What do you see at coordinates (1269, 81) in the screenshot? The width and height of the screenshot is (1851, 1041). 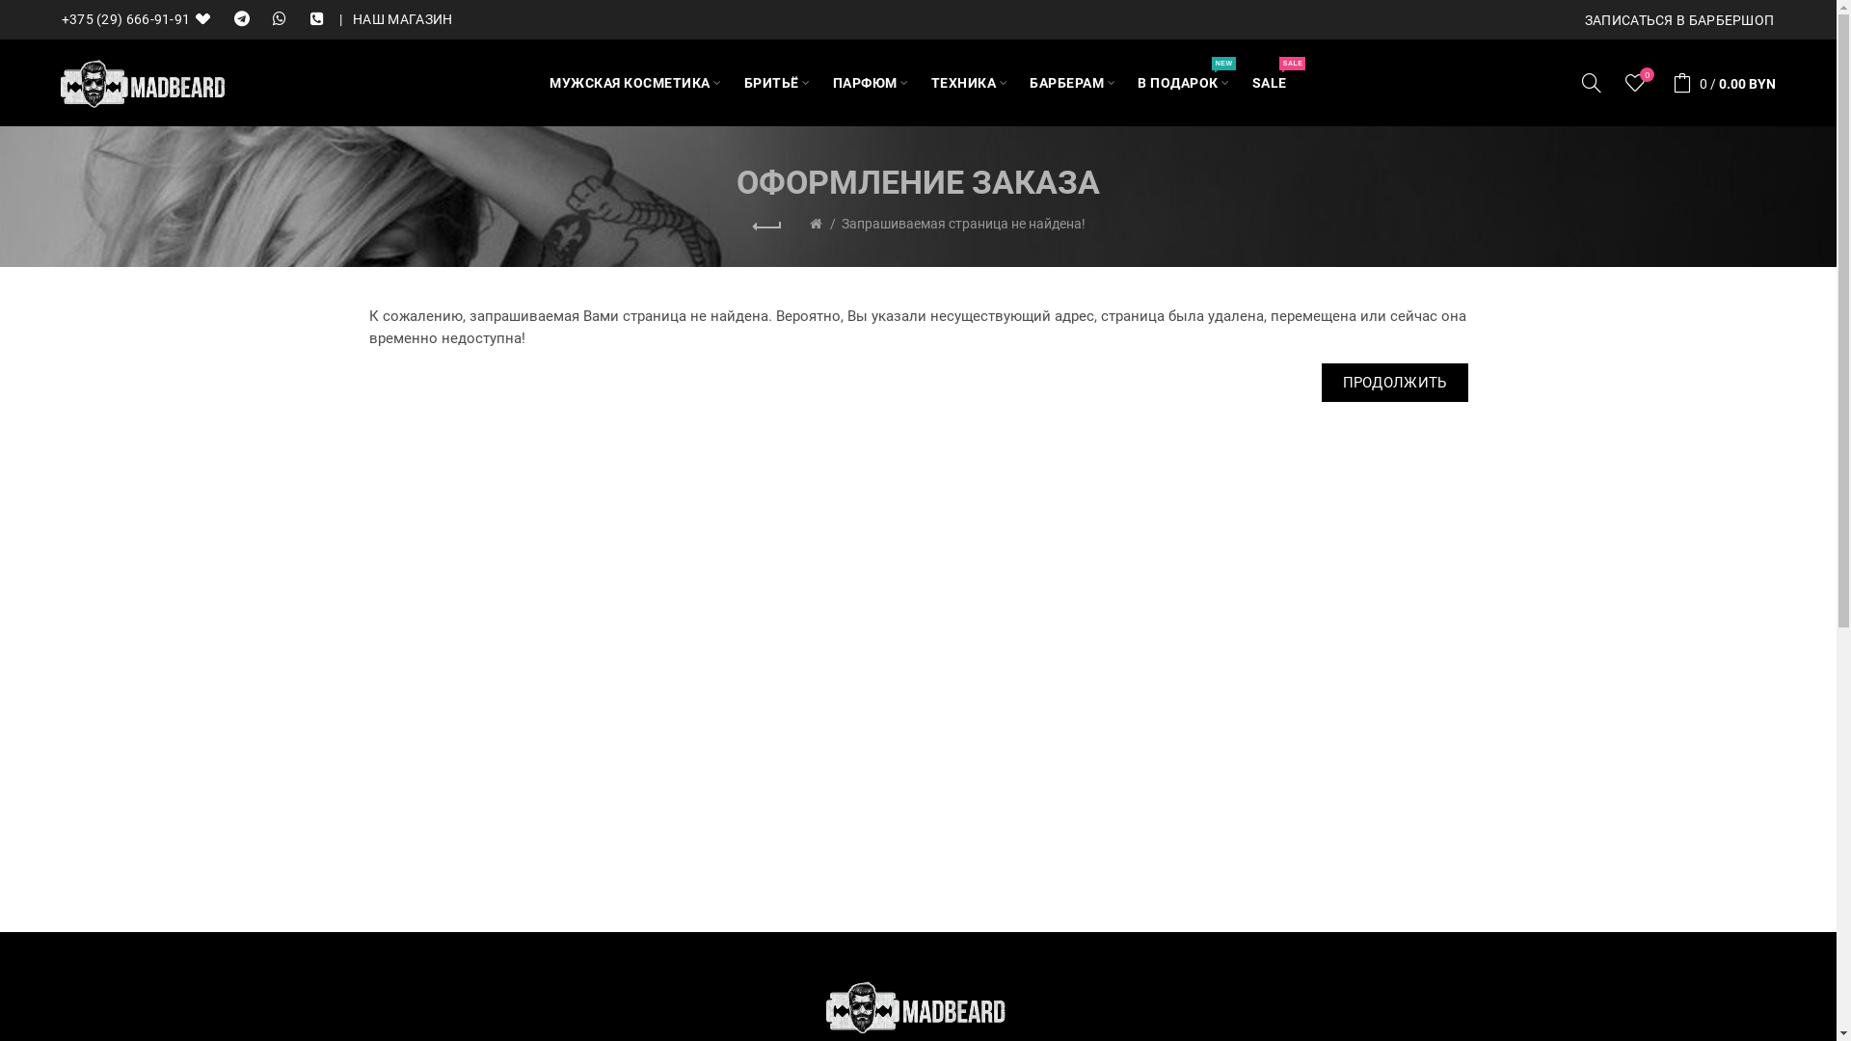 I see `'SALE` at bounding box center [1269, 81].